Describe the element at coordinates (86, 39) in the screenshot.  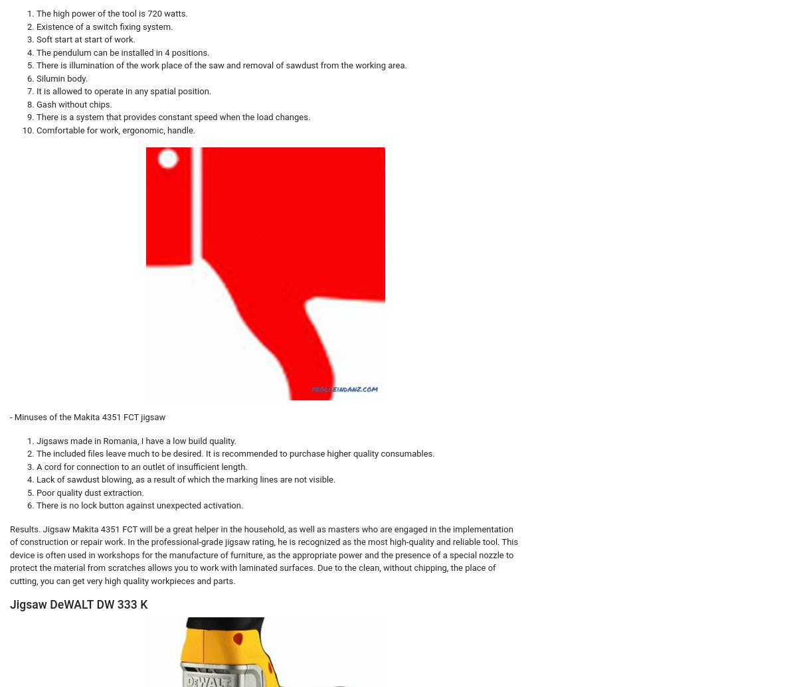
I see `'Soft start at start of work.'` at that location.